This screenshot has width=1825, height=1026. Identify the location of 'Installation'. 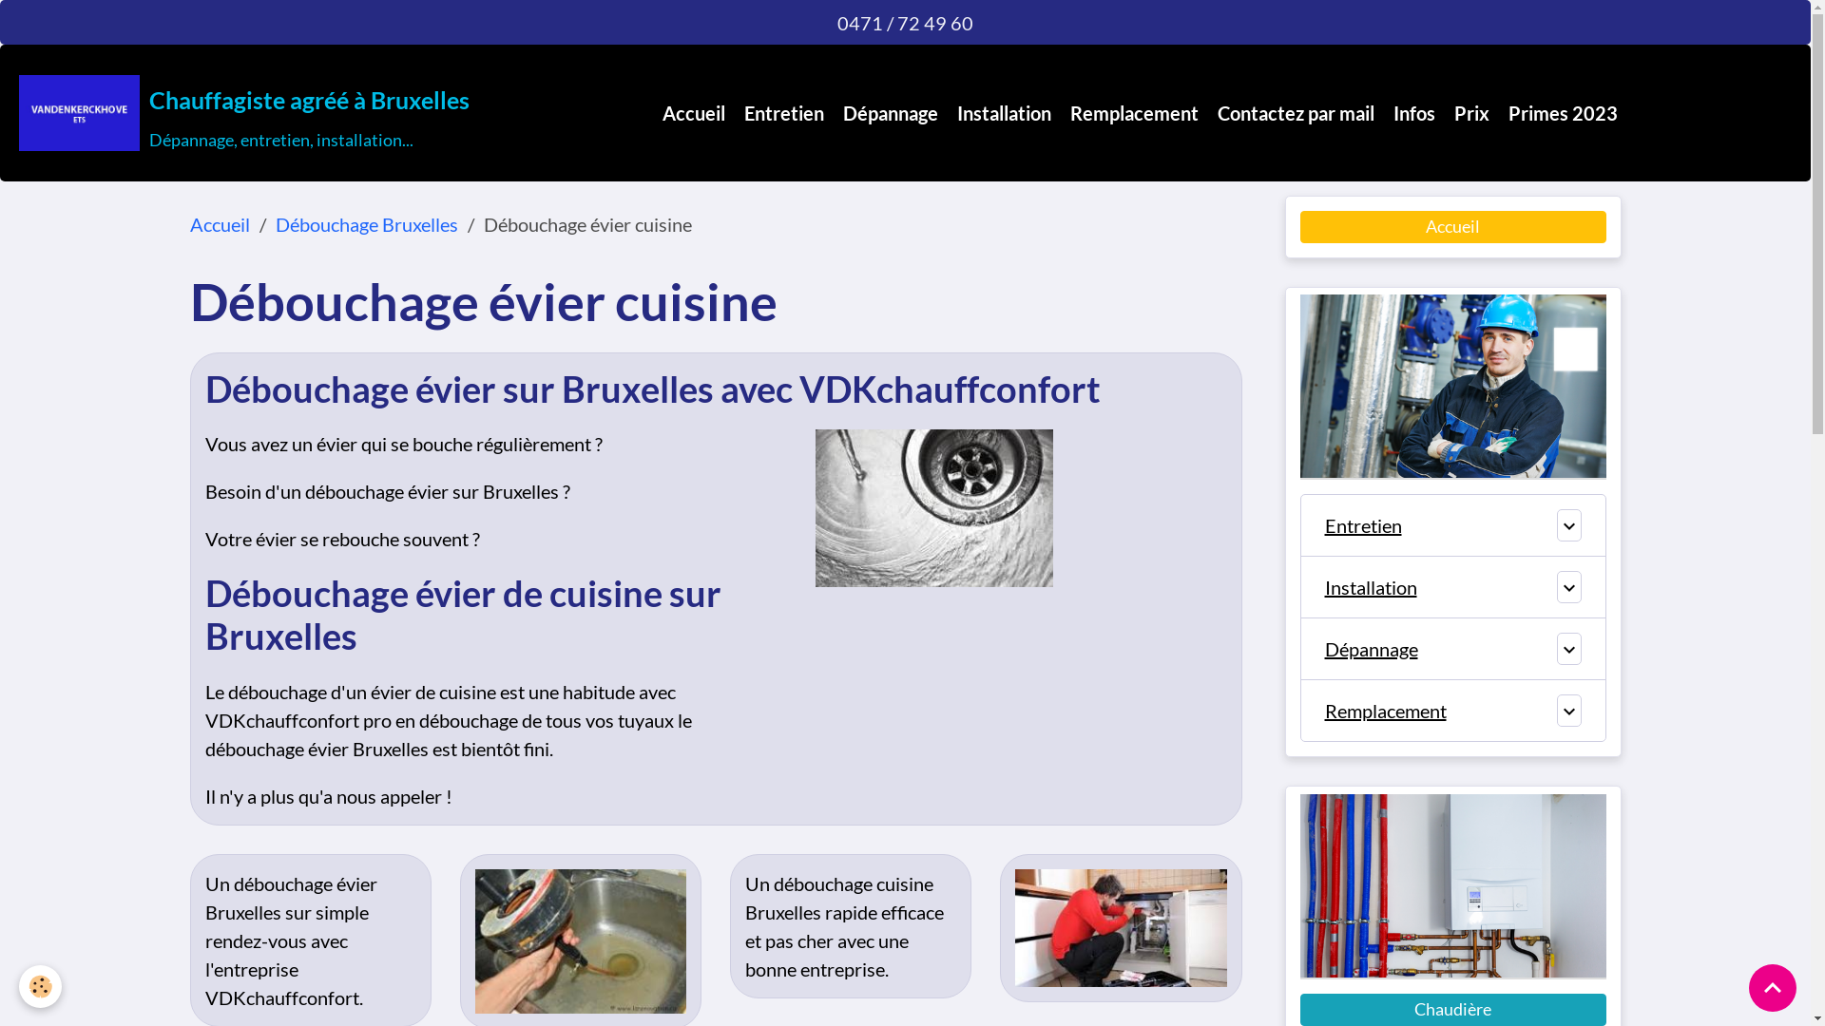
(1436, 585).